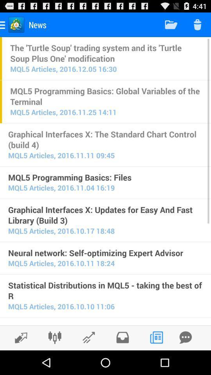 Image resolution: width=211 pixels, height=375 pixels. I want to click on the chat icon, so click(185, 361).